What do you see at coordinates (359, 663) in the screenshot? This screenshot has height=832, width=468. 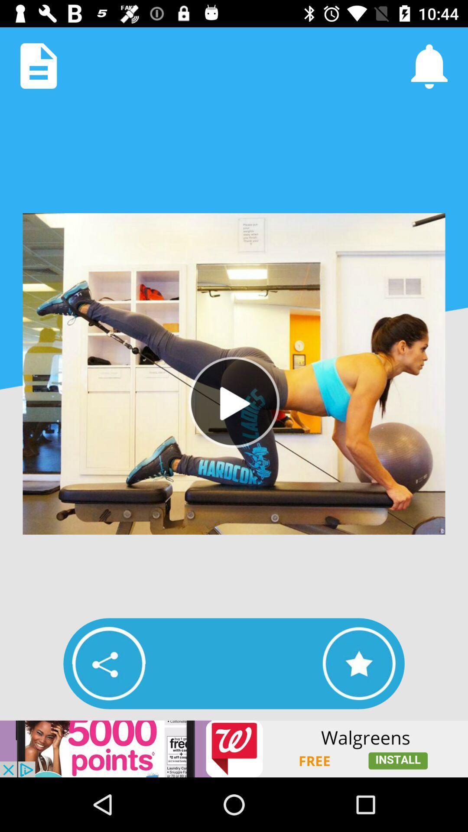 I see `to favorite` at bounding box center [359, 663].